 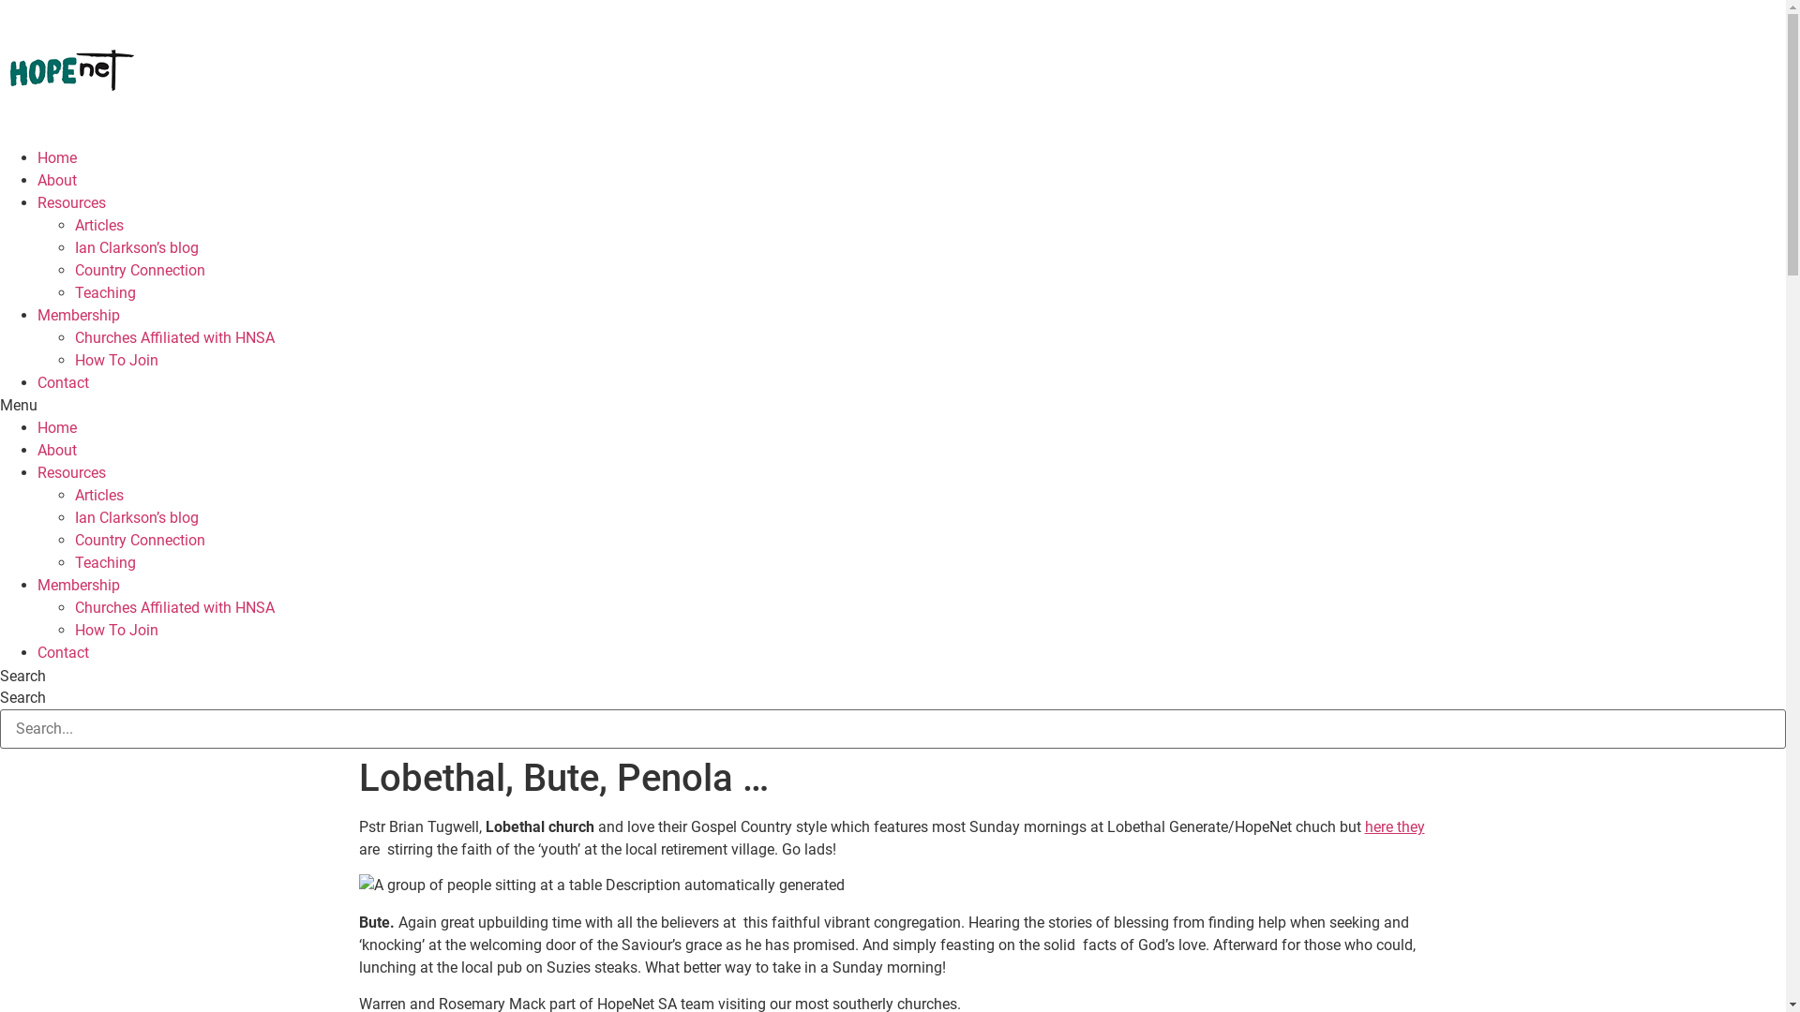 What do you see at coordinates (139, 540) in the screenshot?
I see `'Country Connection'` at bounding box center [139, 540].